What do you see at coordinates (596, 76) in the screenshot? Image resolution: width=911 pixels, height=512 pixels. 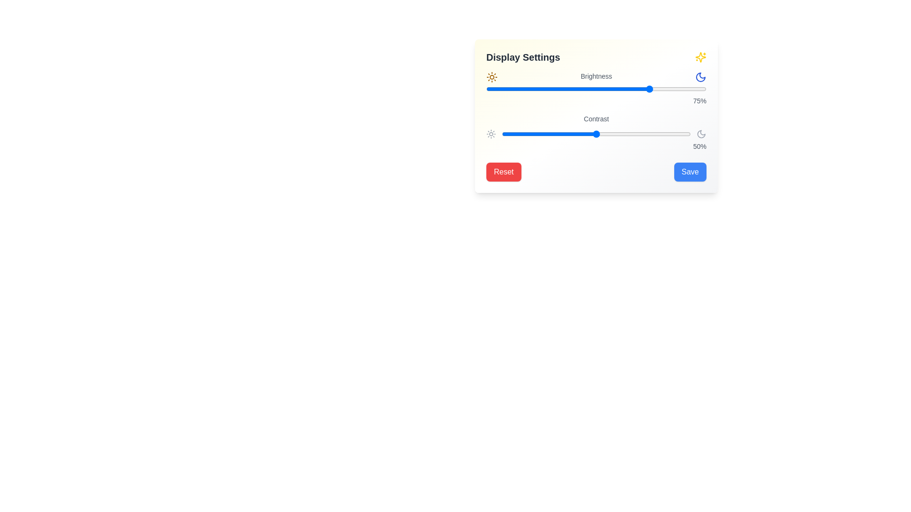 I see `the 'Brightness' label, which is a medium gray text element centered between sun and moon icons in the Display Settings panel` at bounding box center [596, 76].